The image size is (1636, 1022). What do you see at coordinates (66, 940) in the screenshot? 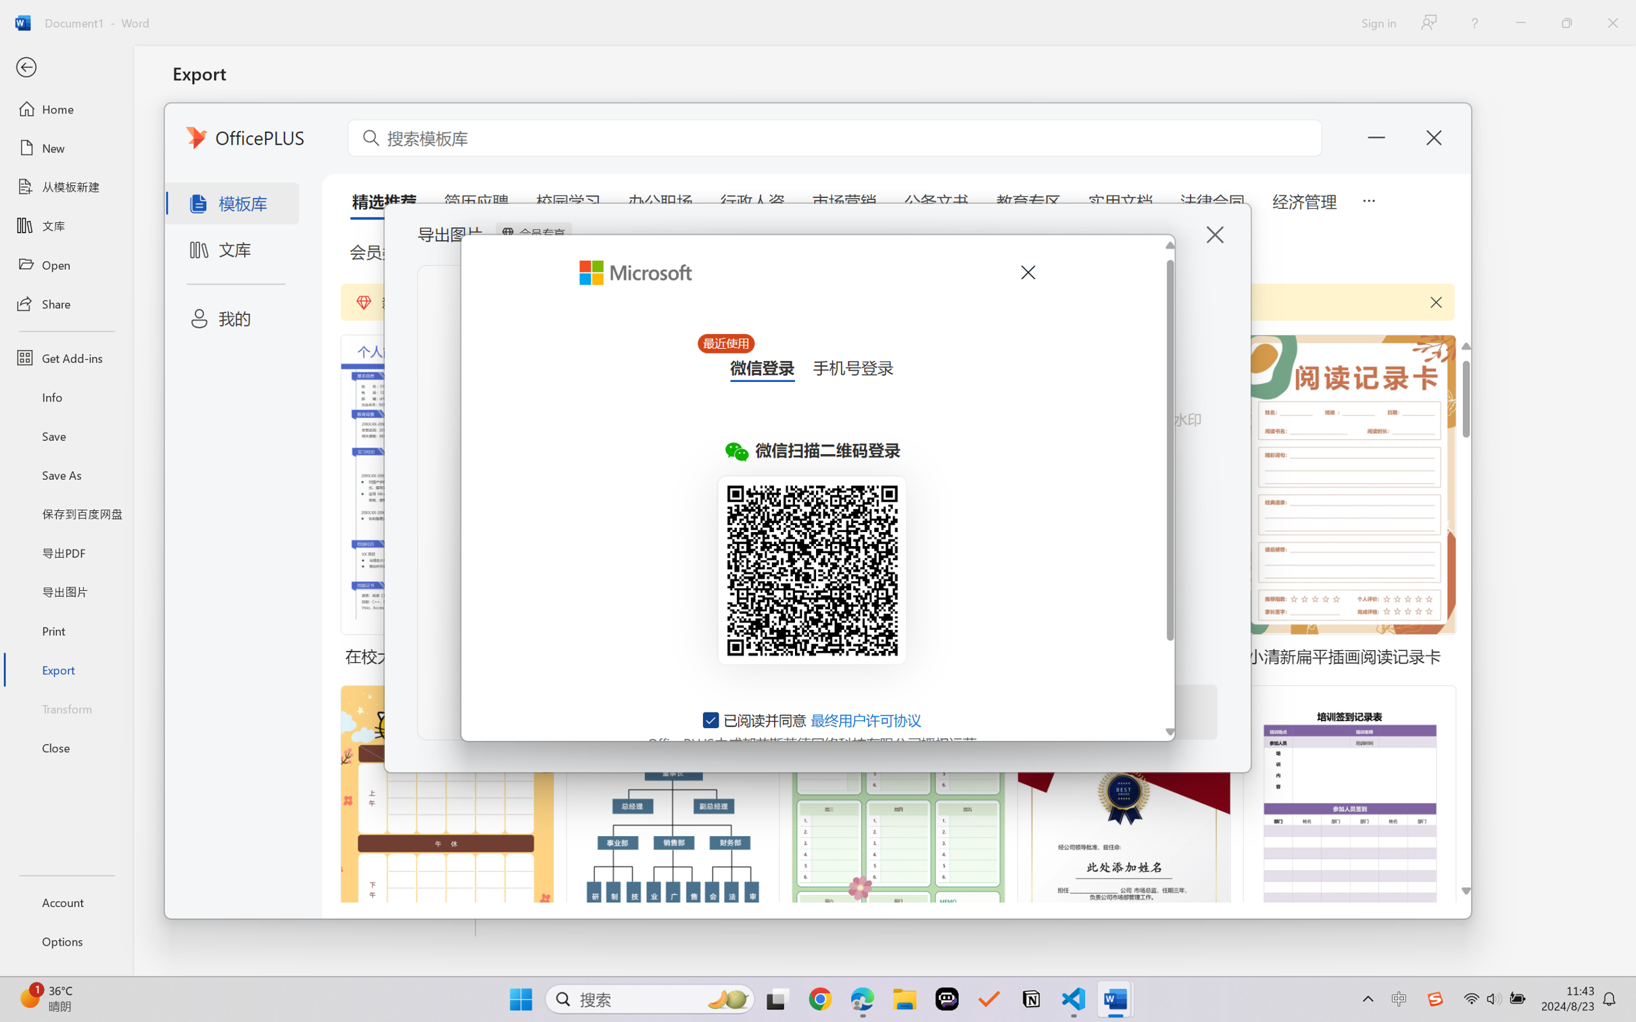
I see `'Options'` at bounding box center [66, 940].